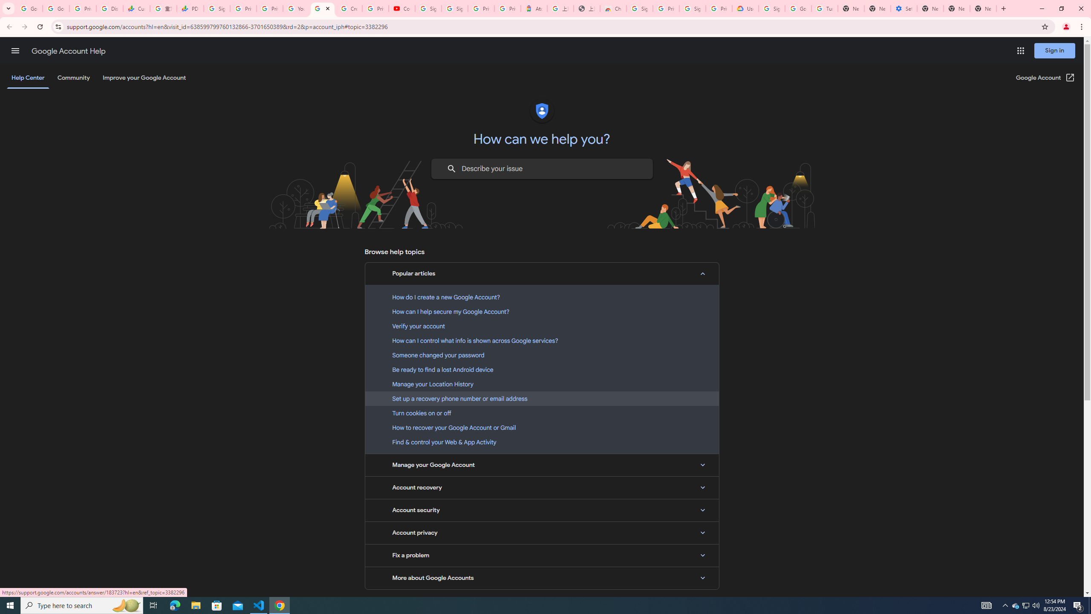 The width and height of the screenshot is (1091, 614). What do you see at coordinates (542, 427) in the screenshot?
I see `'How to recover your Google Account or Gmail'` at bounding box center [542, 427].